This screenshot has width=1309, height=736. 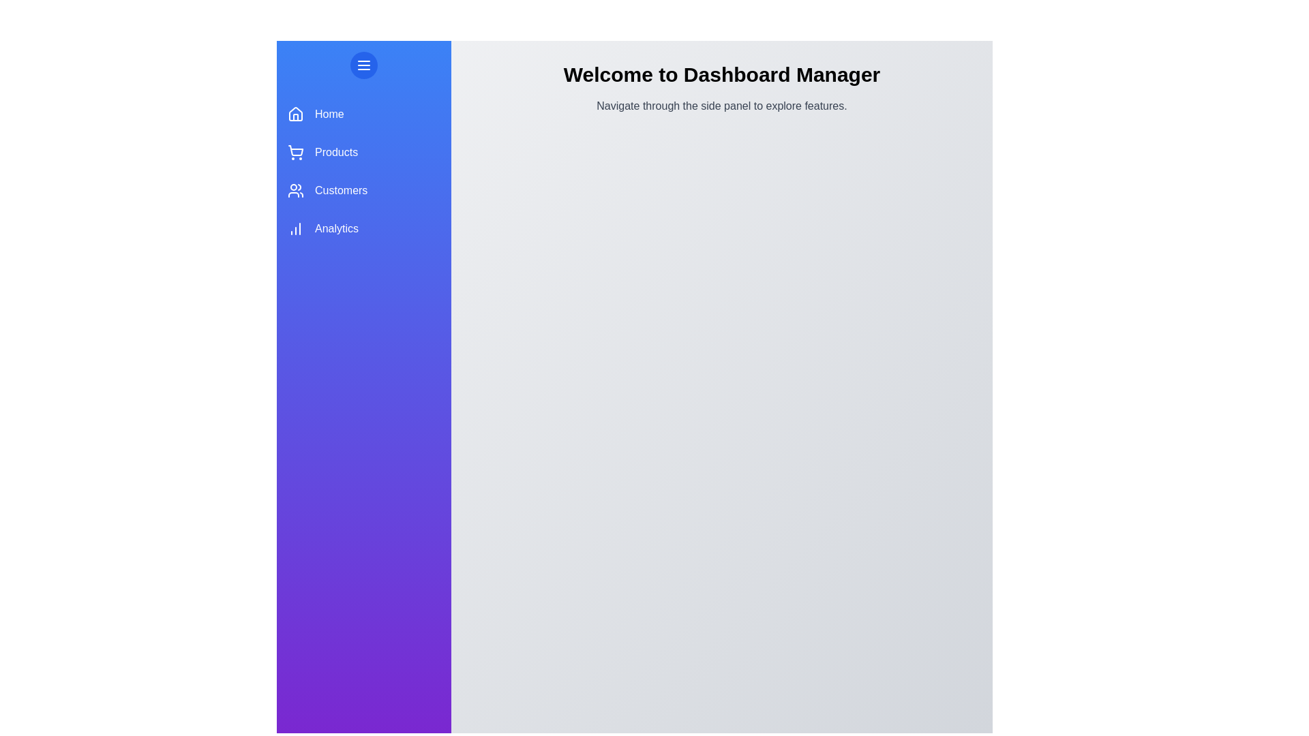 I want to click on the sidebar item Products to observe its hover effect, so click(x=363, y=152).